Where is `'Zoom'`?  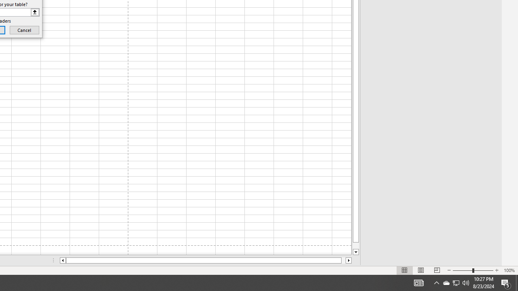 'Zoom' is located at coordinates (473, 270).